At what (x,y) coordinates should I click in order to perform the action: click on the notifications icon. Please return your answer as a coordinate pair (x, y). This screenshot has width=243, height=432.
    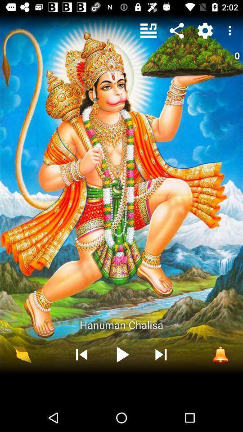
    Looking at the image, I should click on (220, 354).